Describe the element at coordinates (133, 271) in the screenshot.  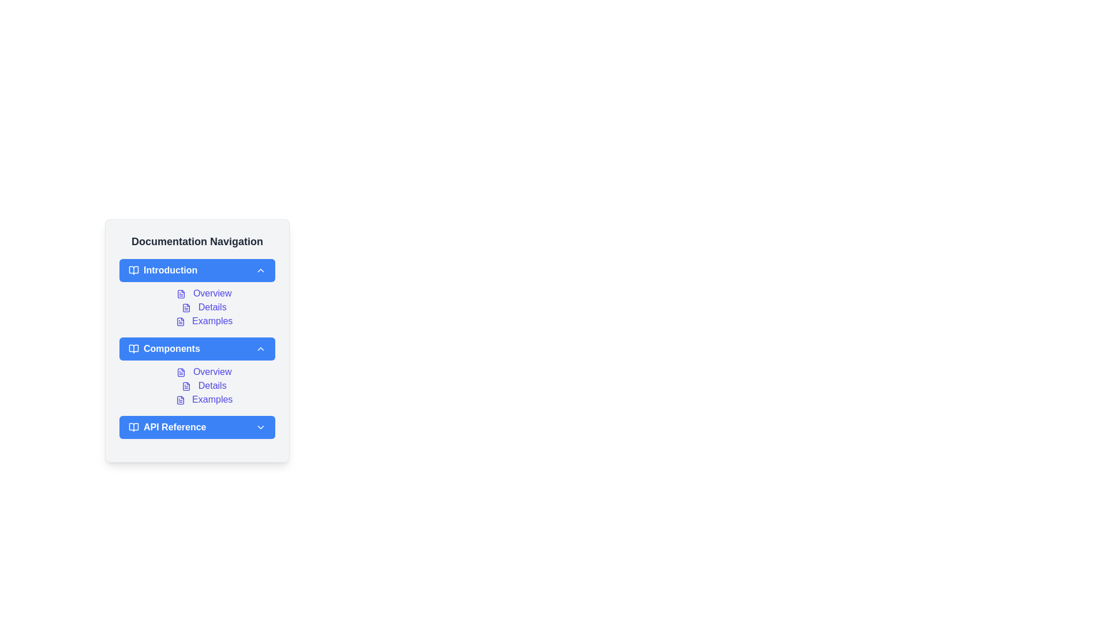
I see `the graphical icon representing the 'Introduction' menu item in the sidebar navigation menu, located immediately to the left of the text 'Introduction'` at that location.